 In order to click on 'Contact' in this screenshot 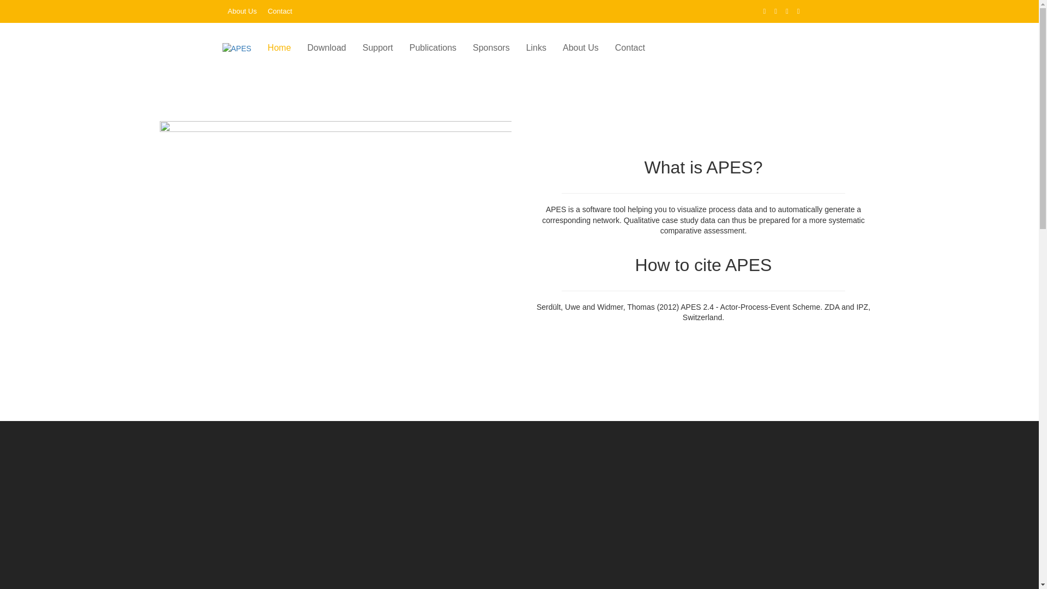, I will do `click(267, 11)`.